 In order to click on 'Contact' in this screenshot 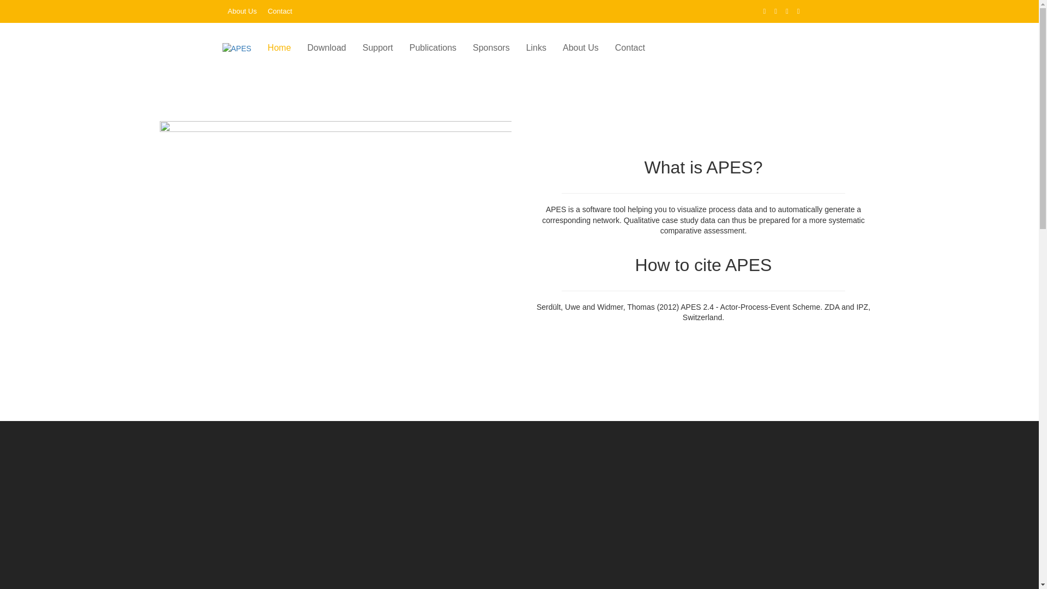, I will do `click(267, 11)`.